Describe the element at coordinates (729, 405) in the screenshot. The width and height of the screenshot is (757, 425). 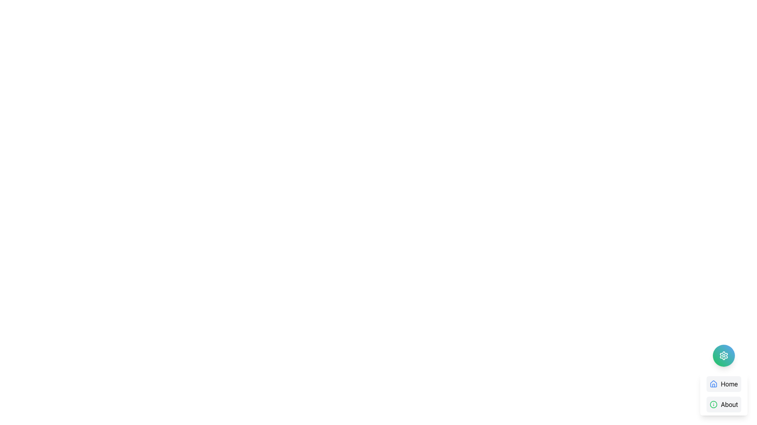
I see `the clickable text label 'About' located below the 'Home' button in the lower right corner` at that location.